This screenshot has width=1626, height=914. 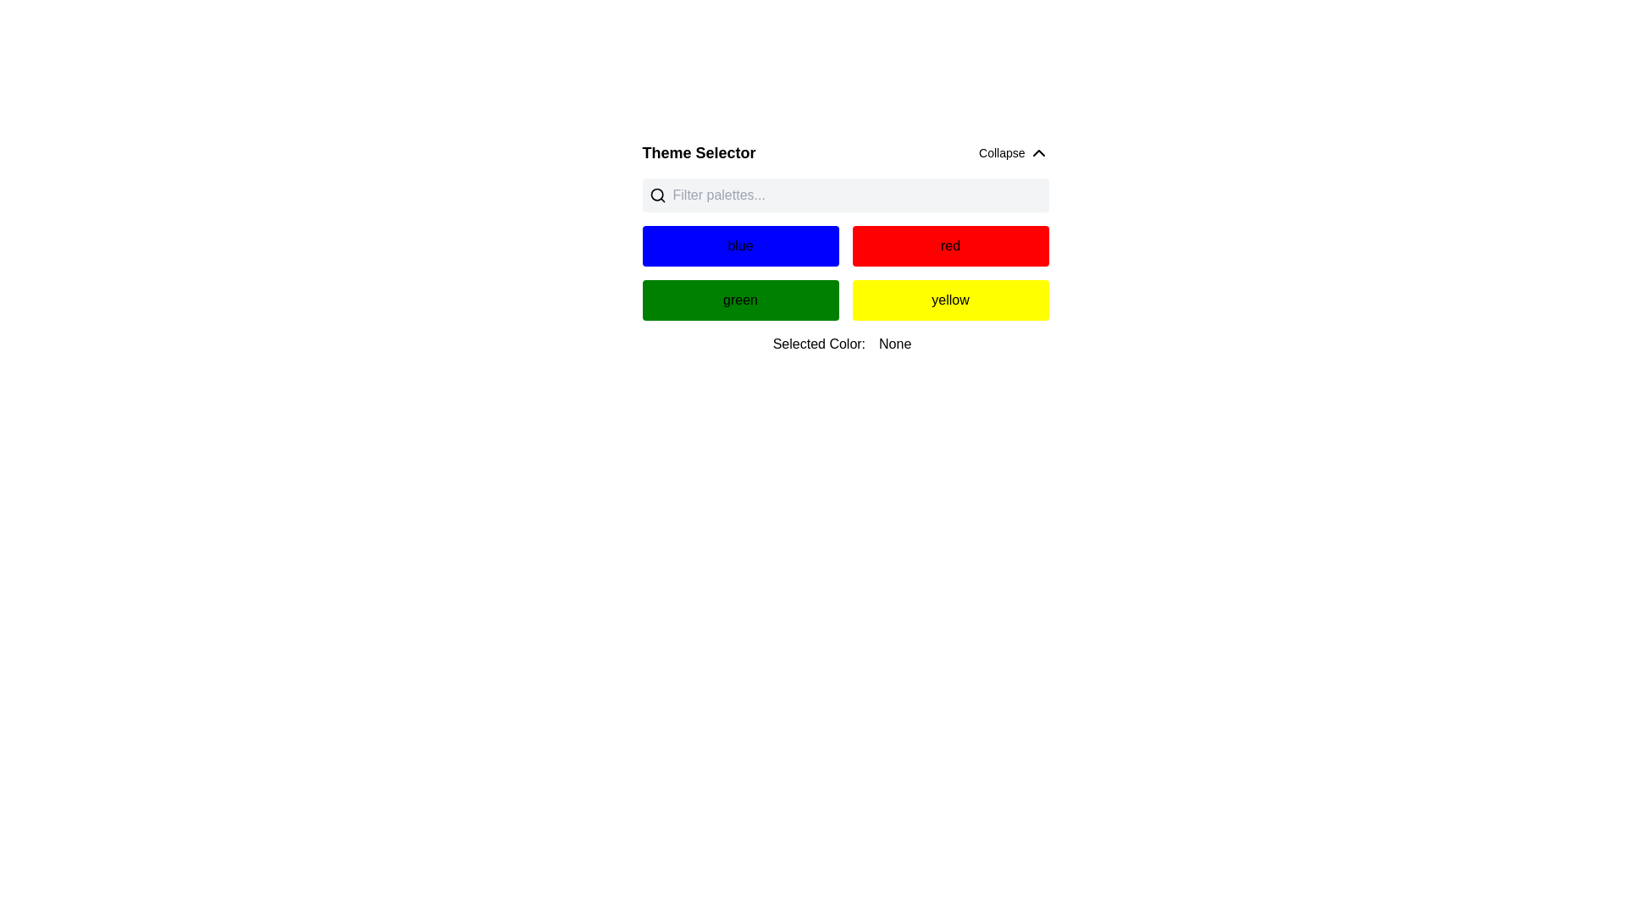 I want to click on the deep blue button labeled 'blue' located in the top-left corner of the 2x2 grid layout, so click(x=740, y=245).